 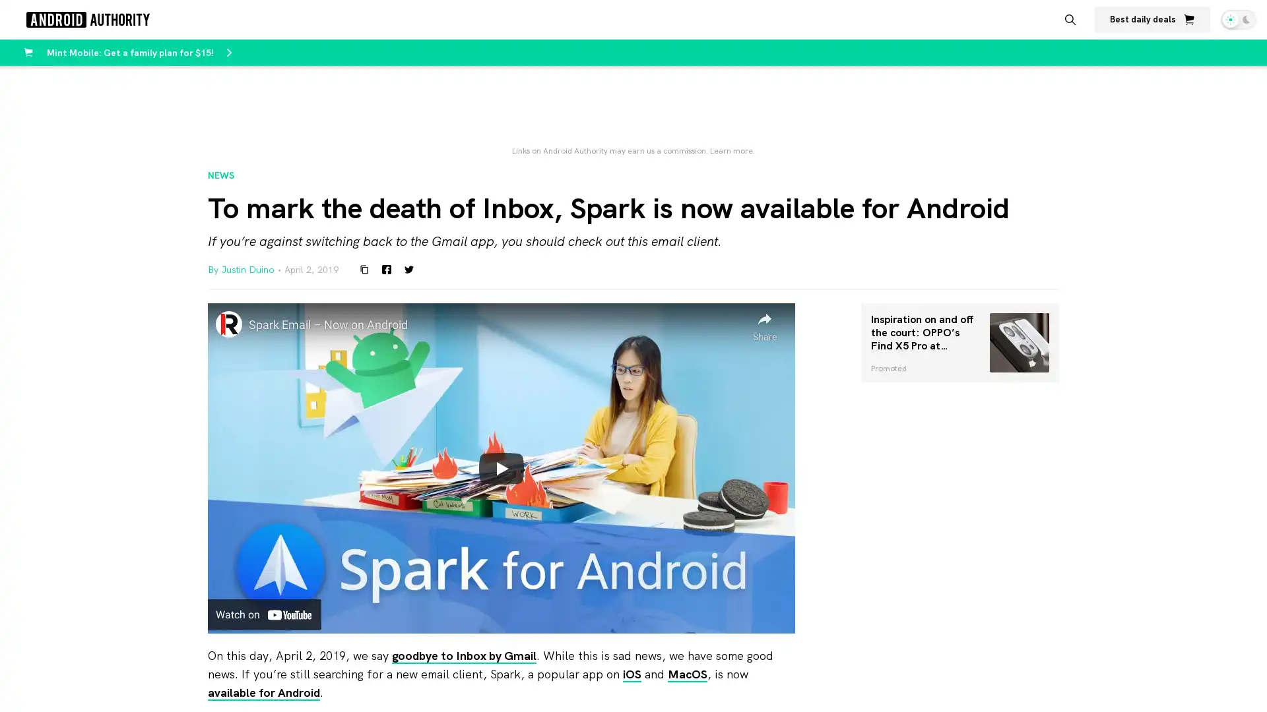 What do you see at coordinates (247, 268) in the screenshot?
I see `Justin Duino` at bounding box center [247, 268].